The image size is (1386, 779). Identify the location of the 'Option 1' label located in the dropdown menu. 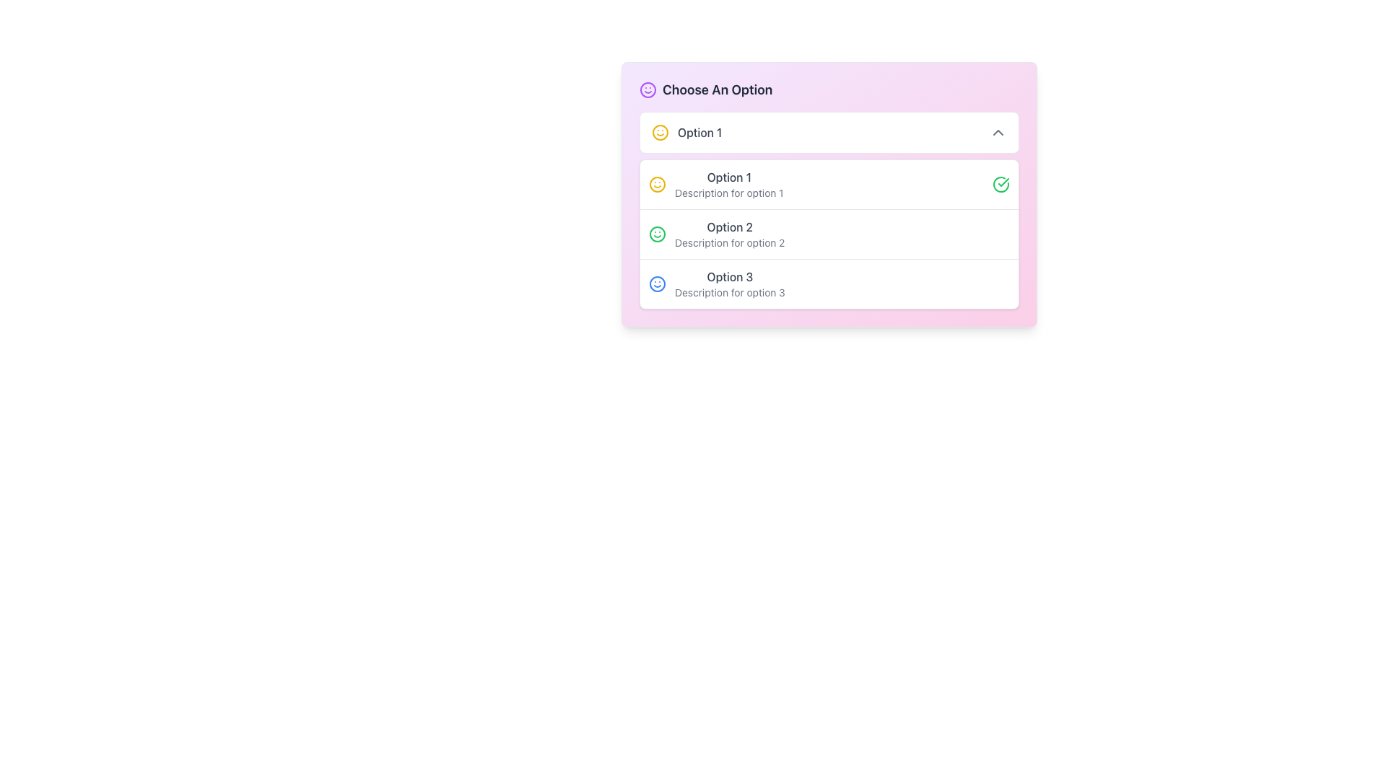
(699, 133).